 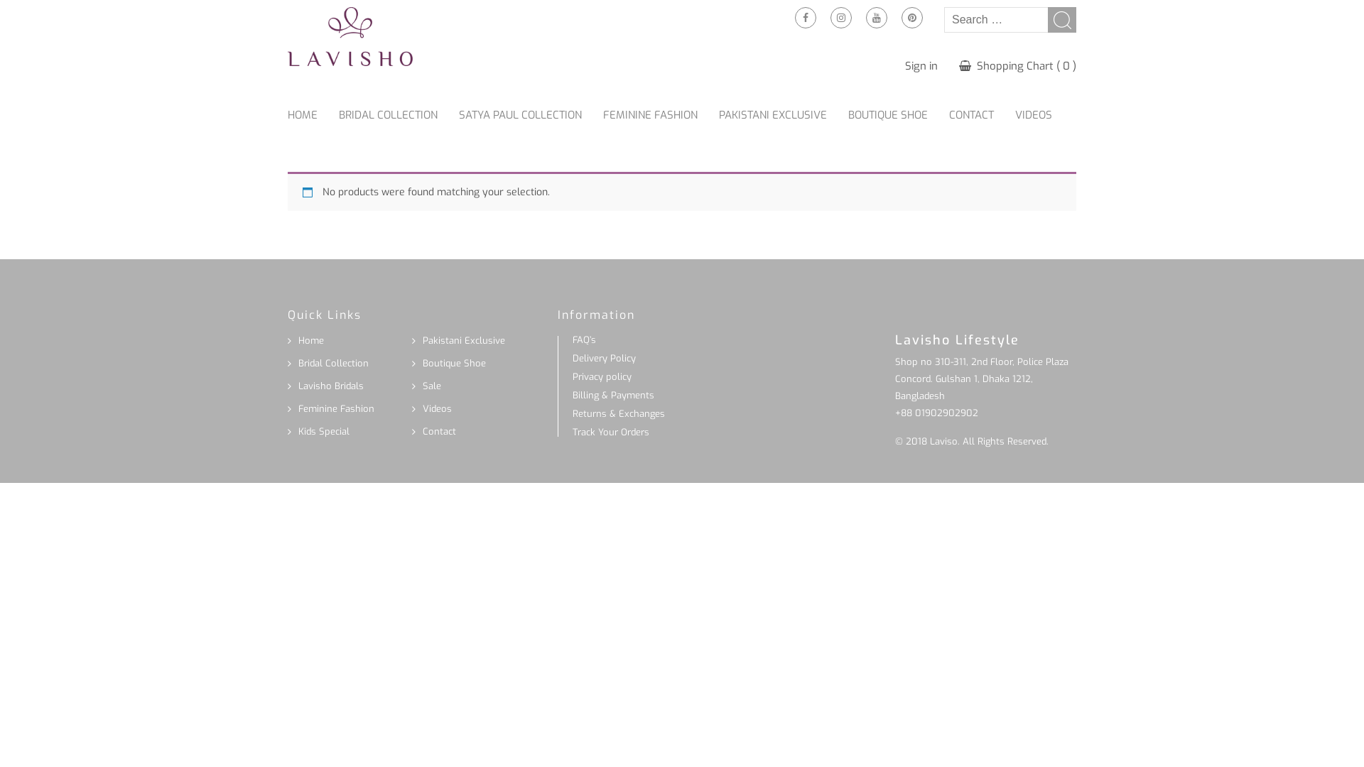 I want to click on 'HOME', so click(x=313, y=114).